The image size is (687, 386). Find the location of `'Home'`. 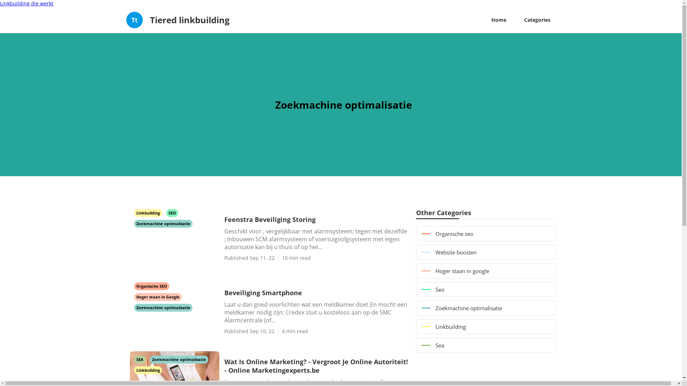

'Home' is located at coordinates (498, 20).